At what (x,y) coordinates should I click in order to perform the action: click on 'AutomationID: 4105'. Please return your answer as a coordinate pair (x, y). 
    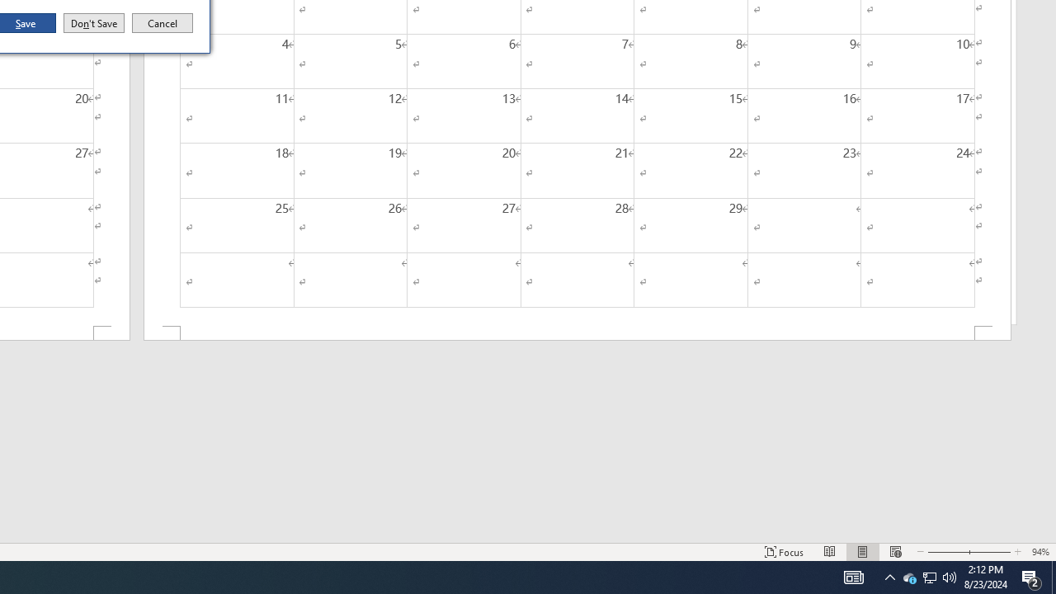
    Looking at the image, I should click on (853, 576).